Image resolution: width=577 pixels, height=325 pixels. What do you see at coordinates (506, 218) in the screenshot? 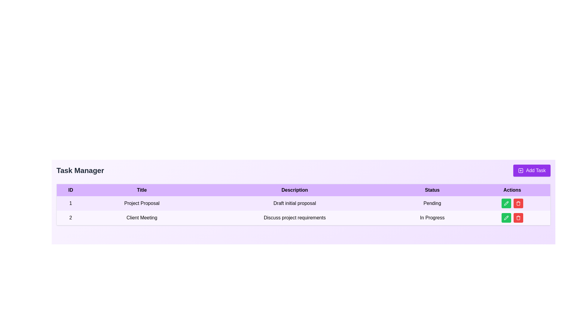
I see `the small pencil icon with a green background located in the second row of the 'Actions' column` at bounding box center [506, 218].